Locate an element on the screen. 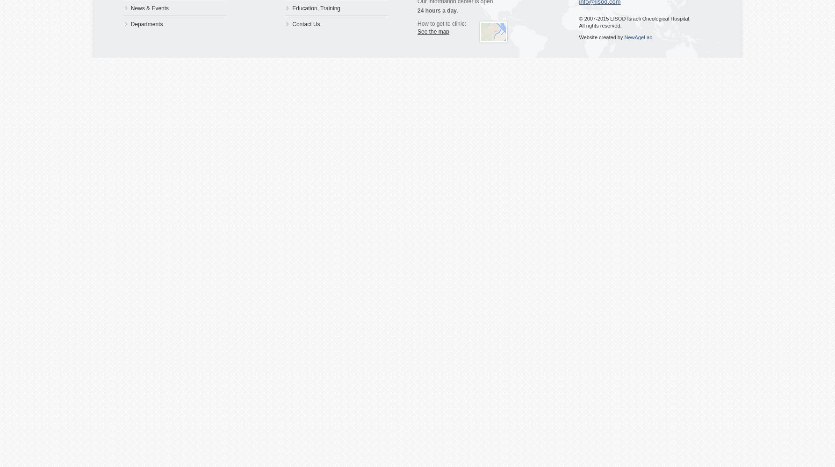 The width and height of the screenshot is (835, 467). 'All rights reserved.' is located at coordinates (600, 26).